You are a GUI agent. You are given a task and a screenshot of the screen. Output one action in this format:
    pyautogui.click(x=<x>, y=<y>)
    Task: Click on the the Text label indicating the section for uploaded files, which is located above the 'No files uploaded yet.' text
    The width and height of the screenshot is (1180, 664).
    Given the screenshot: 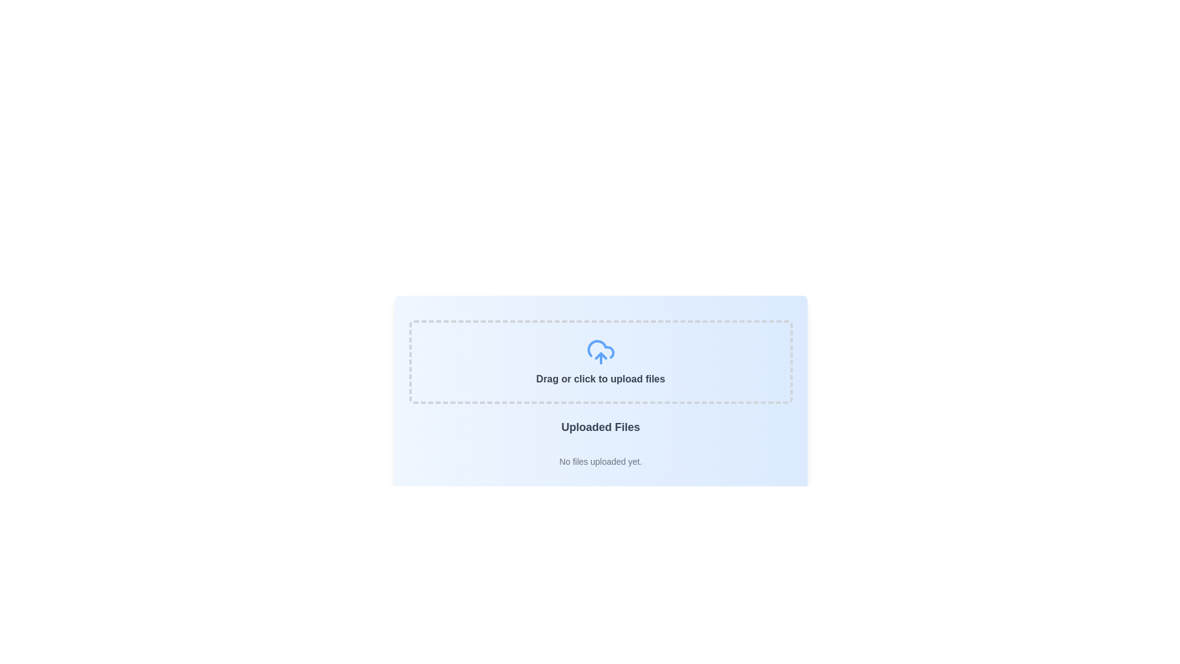 What is the action you would take?
    pyautogui.click(x=600, y=426)
    